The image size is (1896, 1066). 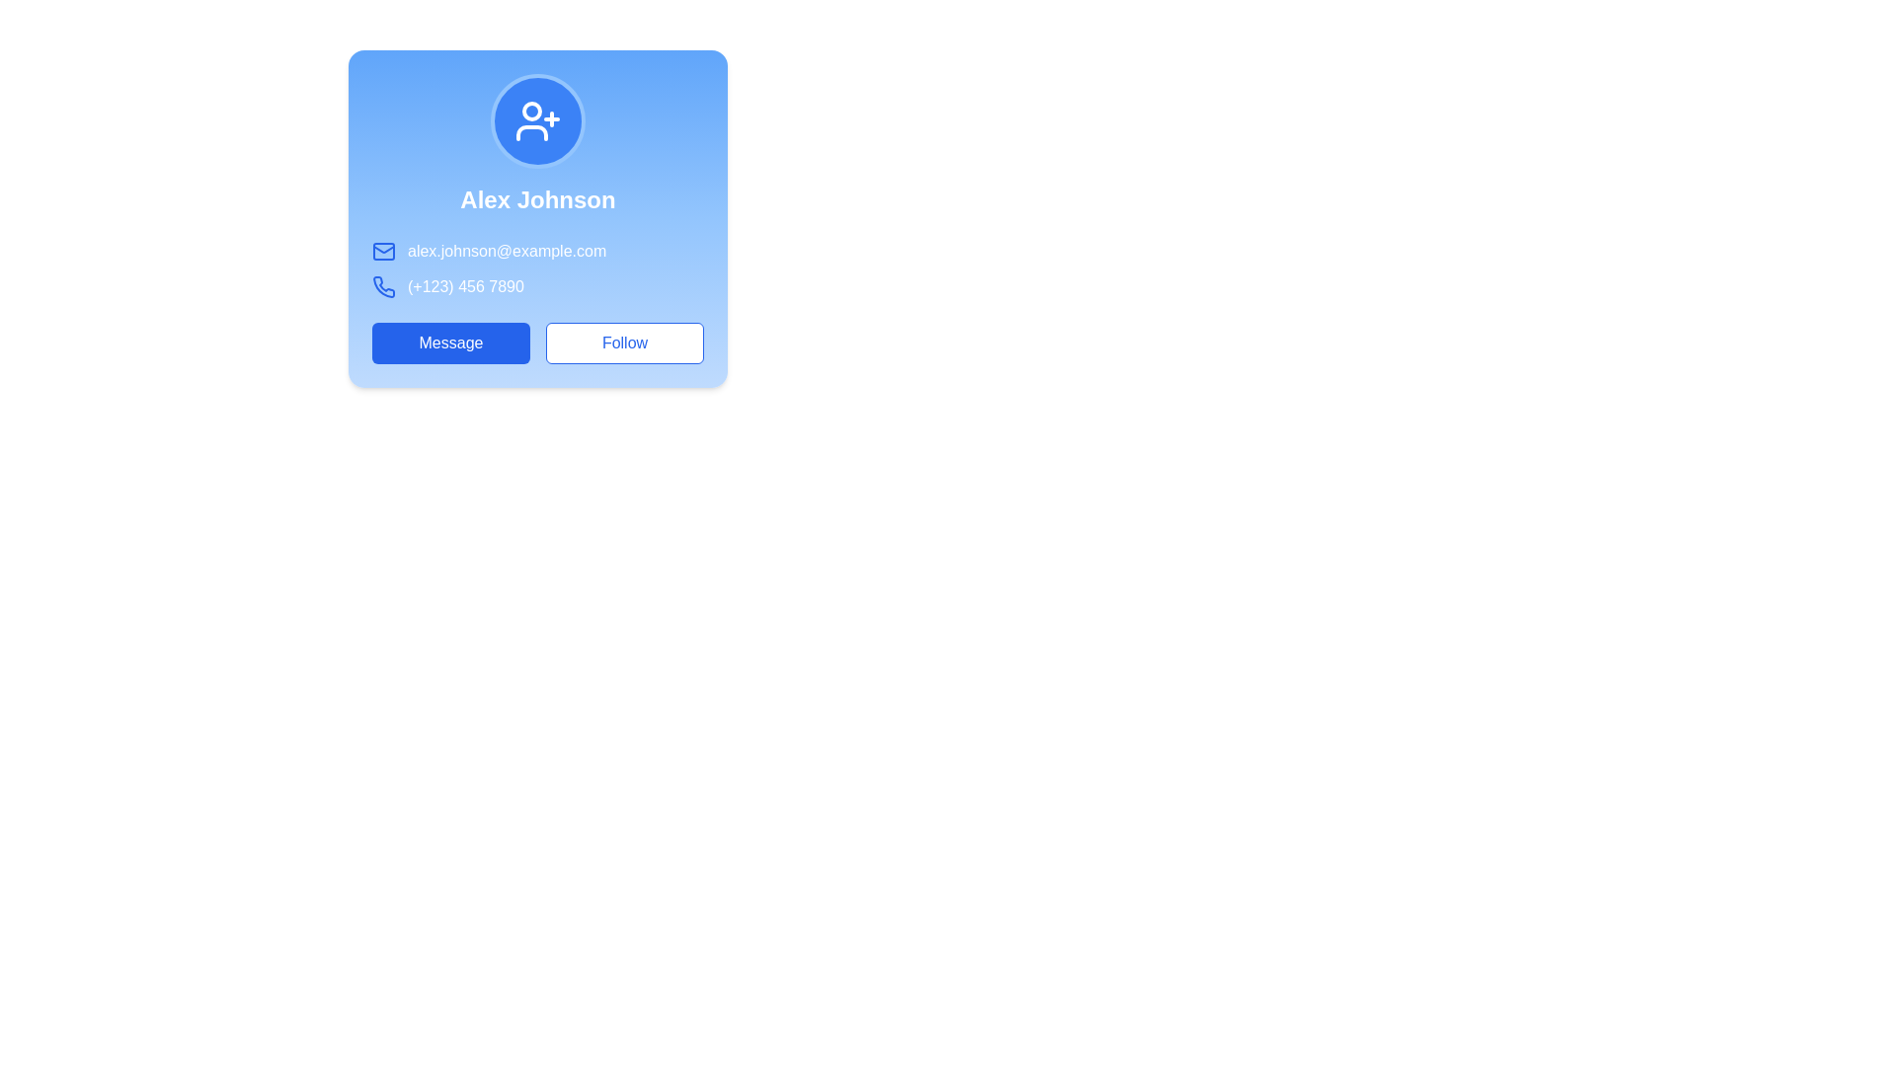 What do you see at coordinates (383, 286) in the screenshot?
I see `the phone icon, which is a blue outlined receiver shape located to the left of the phone number '(+123) 456 7890' in the contact card's second row` at bounding box center [383, 286].